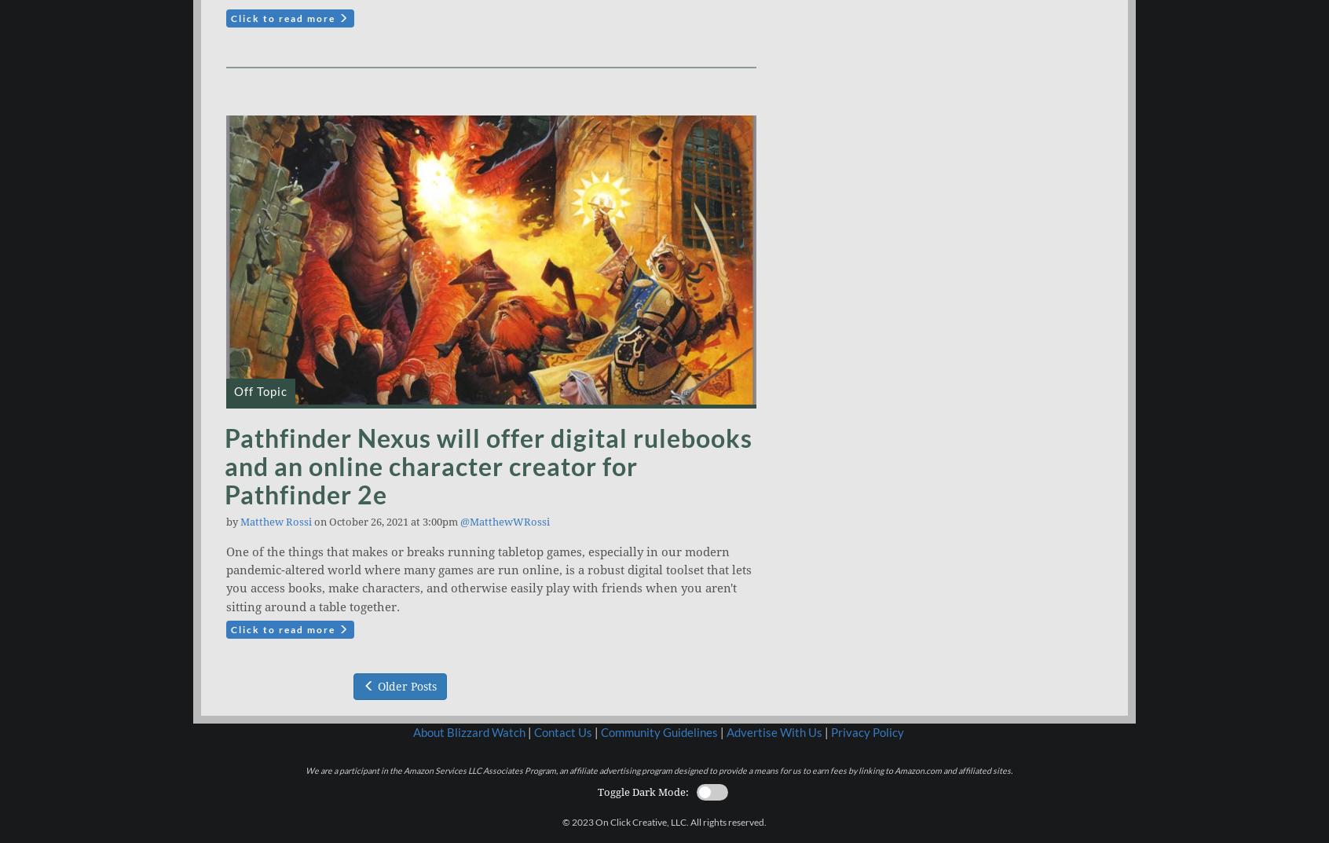 The height and width of the screenshot is (843, 1329). Describe the element at coordinates (664, 822) in the screenshot. I see `'© 2023 On Click Creative, LLC. All rights reserved.'` at that location.